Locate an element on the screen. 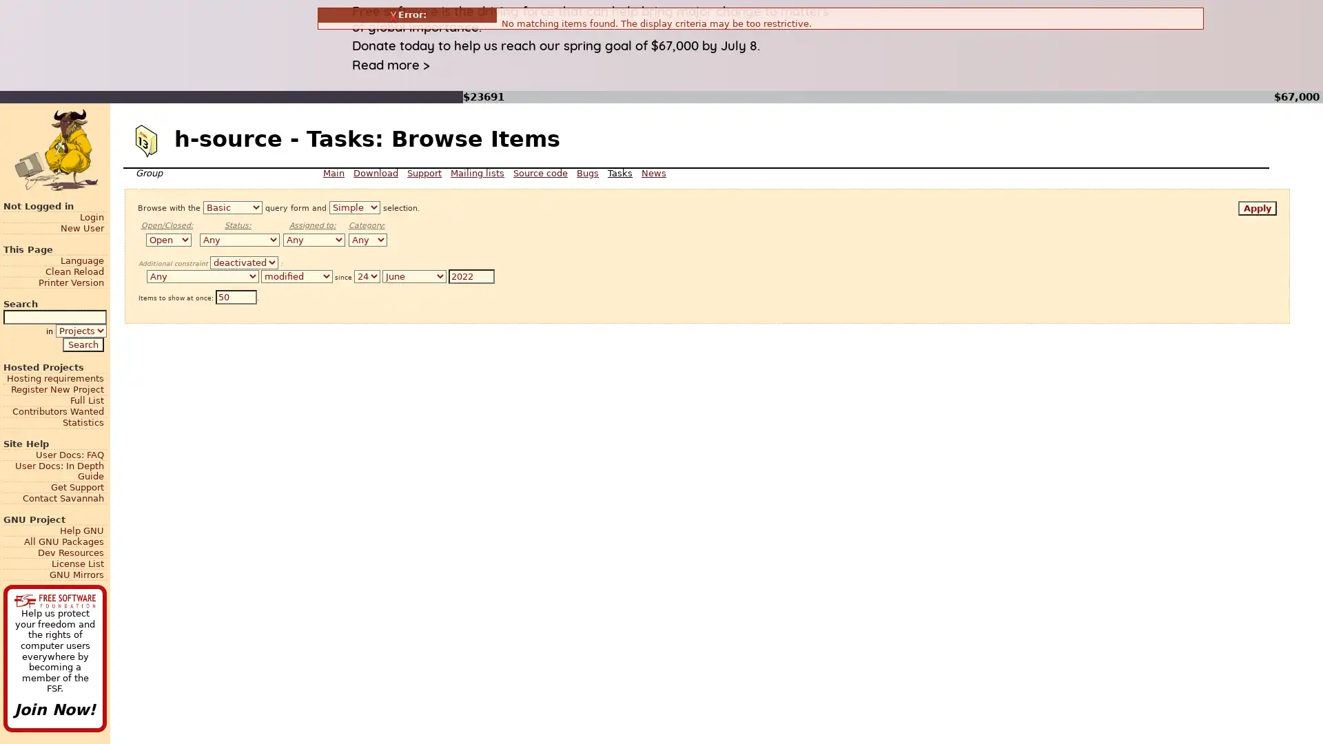  Apply is located at coordinates (1257, 208).